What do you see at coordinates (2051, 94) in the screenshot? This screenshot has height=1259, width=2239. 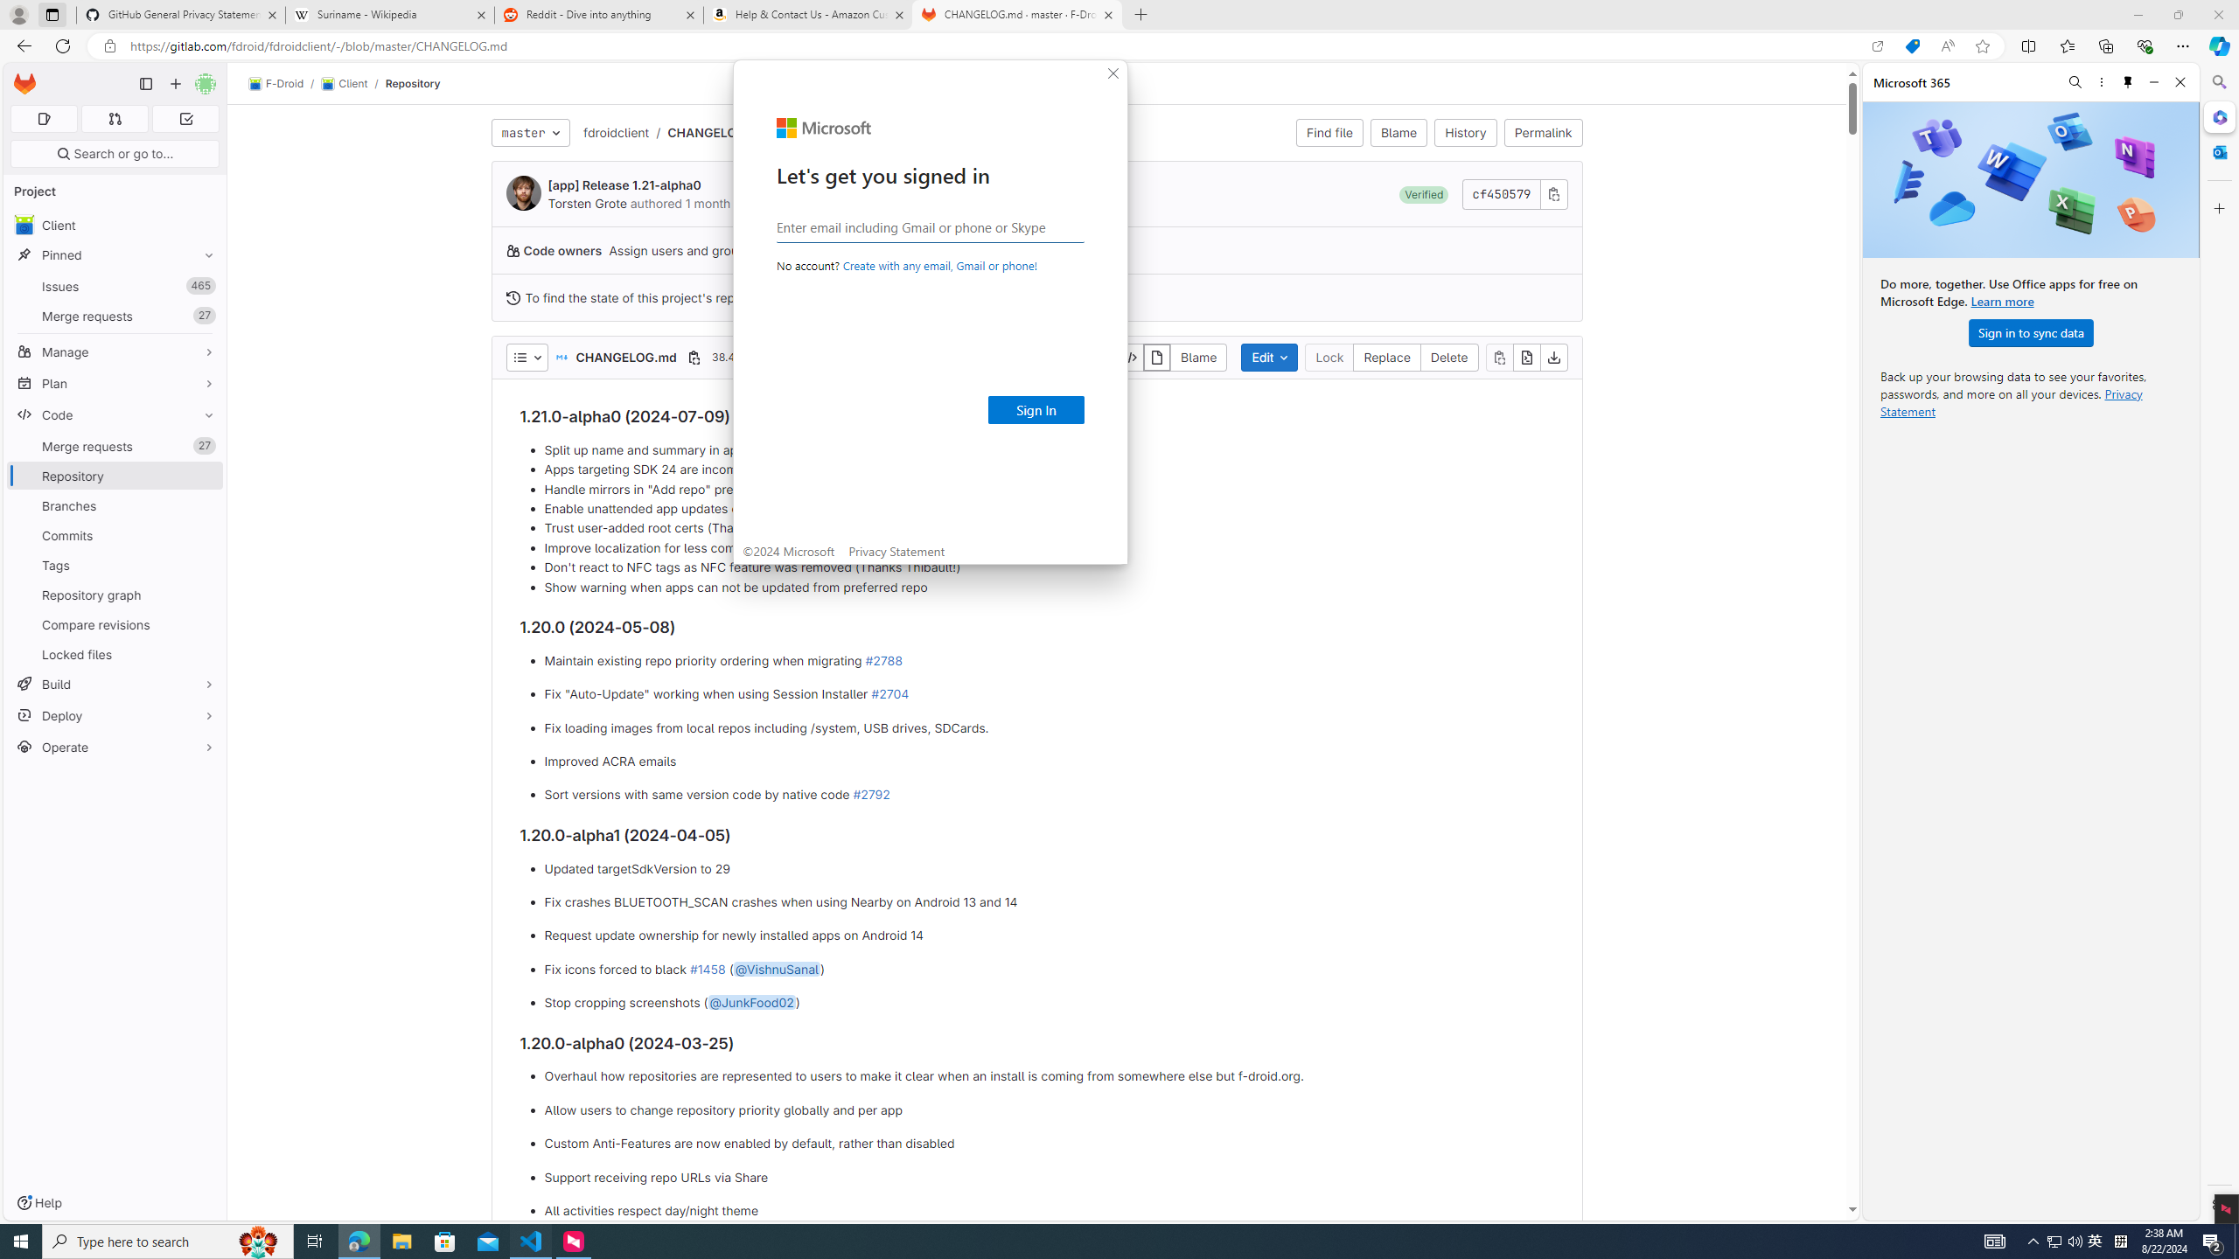 I see `'Next Match (Enter)'` at bounding box center [2051, 94].